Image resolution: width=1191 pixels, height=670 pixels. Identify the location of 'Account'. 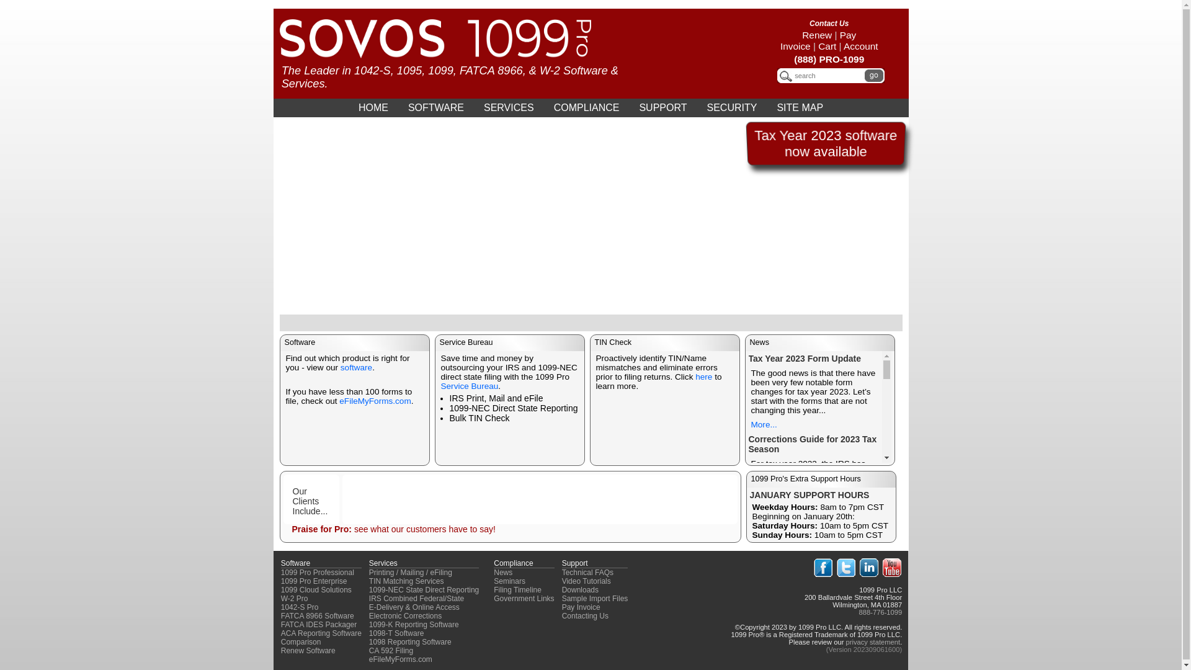
(860, 45).